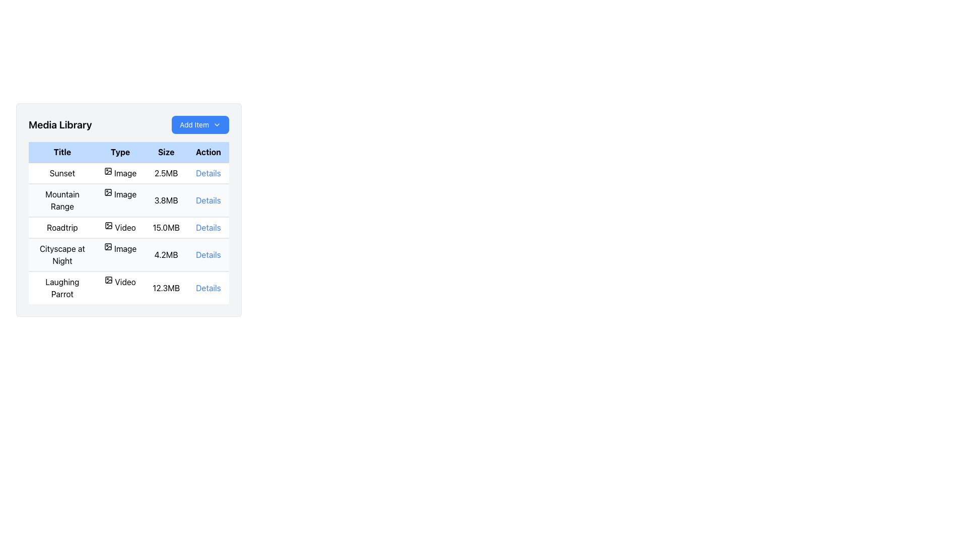  I want to click on the 'Details' hyperlink in the 'Action' column of the 'Mountain Range' row, so click(208, 200).